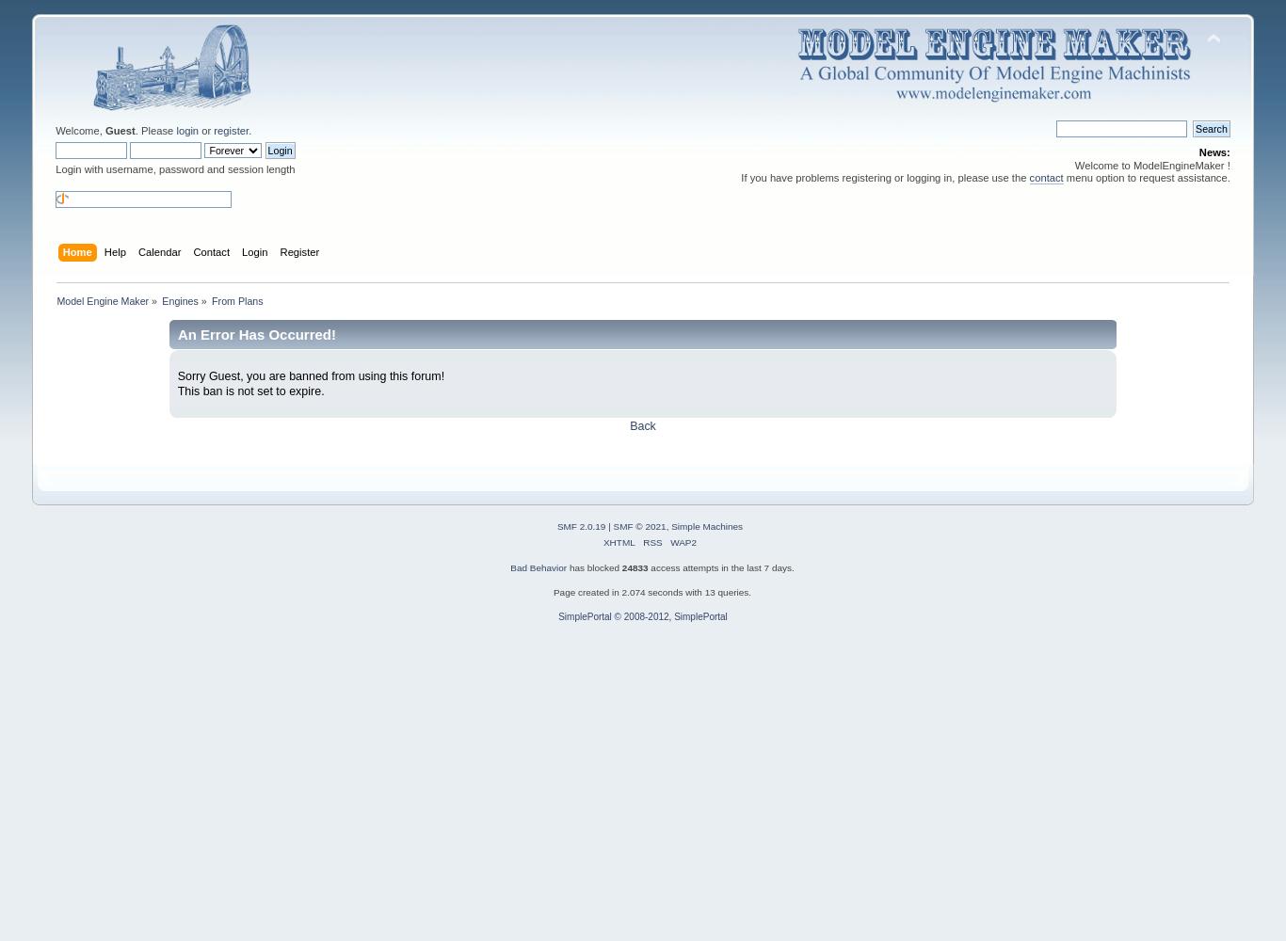  What do you see at coordinates (707, 526) in the screenshot?
I see `'Simple Machines'` at bounding box center [707, 526].